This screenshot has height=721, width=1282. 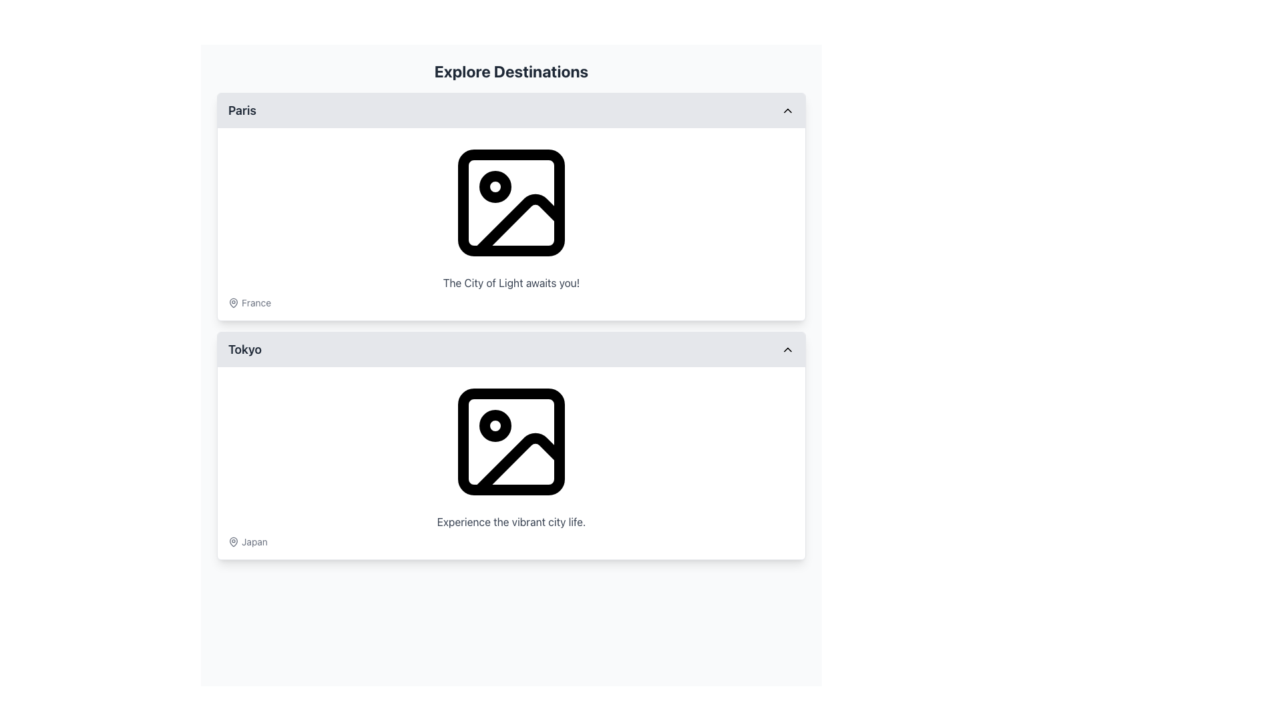 What do you see at coordinates (511, 442) in the screenshot?
I see `the small rounded rectangle image icon located in the lower card titled 'Tokyo' within the 'Explore Destinations' section` at bounding box center [511, 442].